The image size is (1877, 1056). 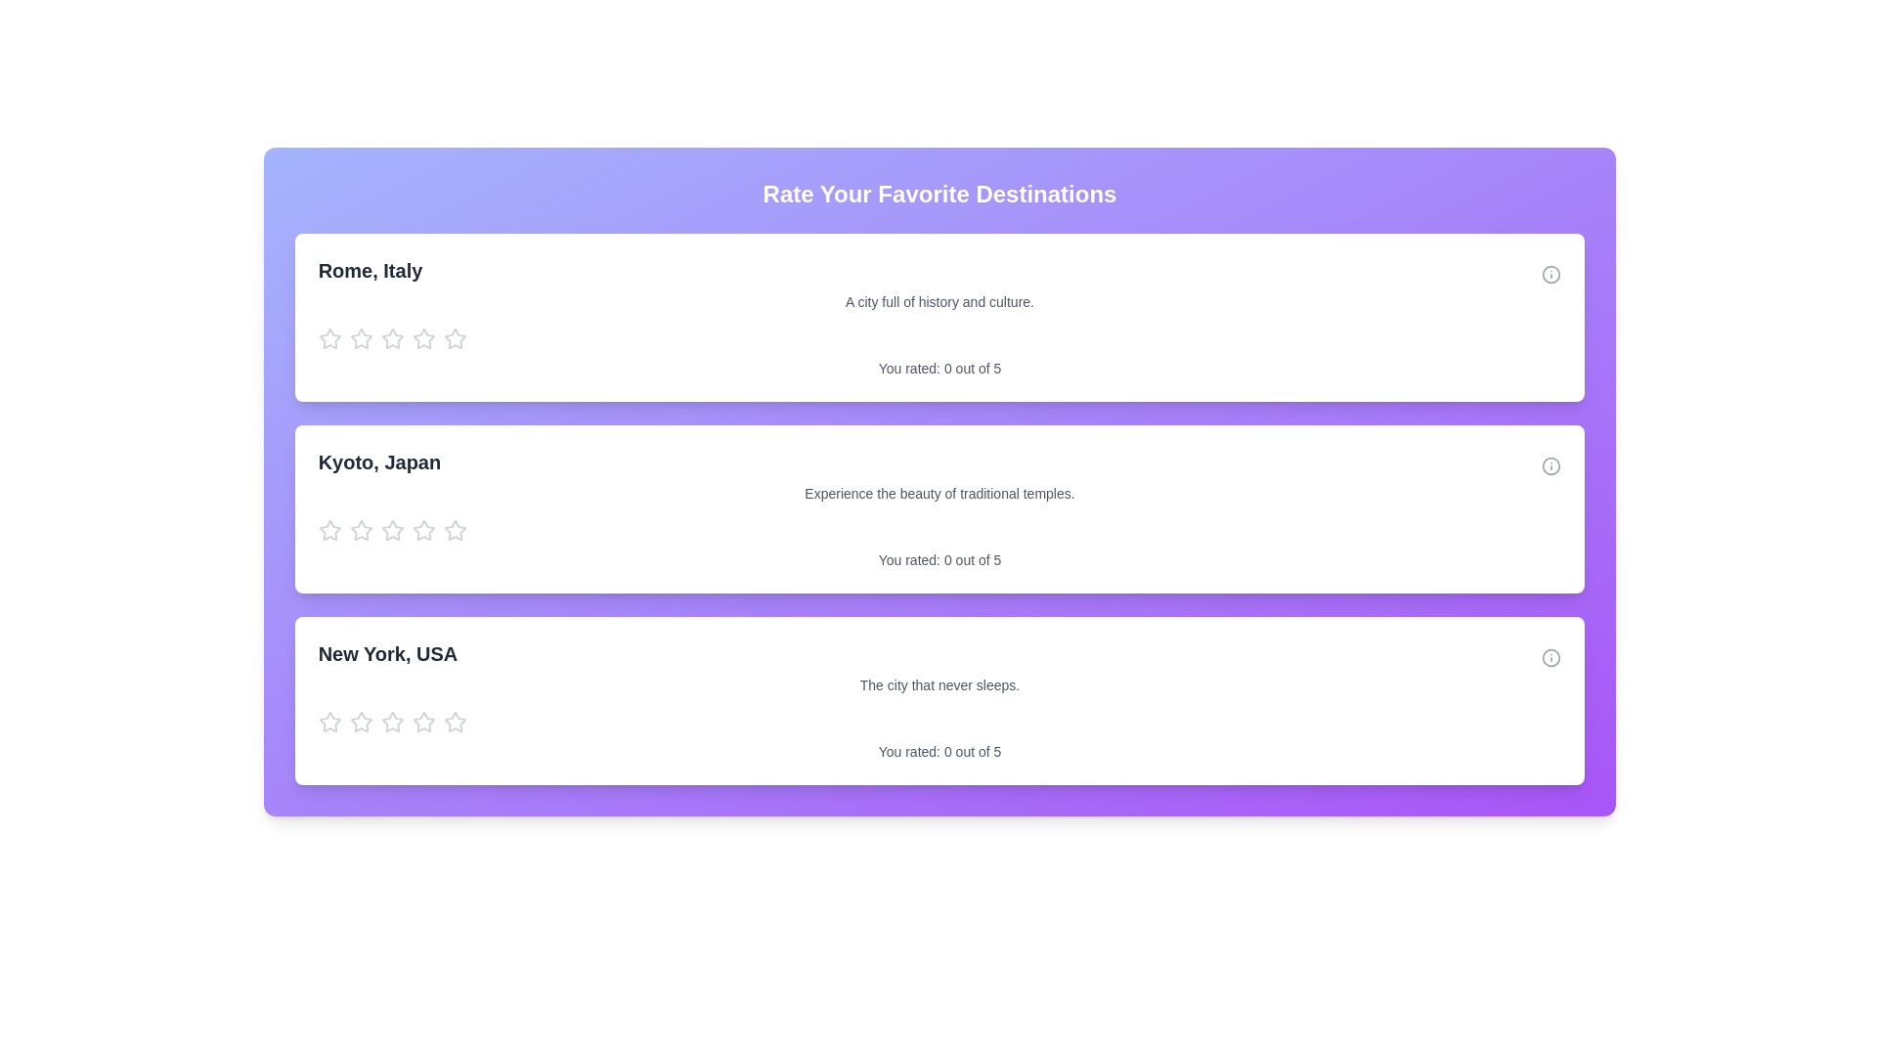 What do you see at coordinates (422, 530) in the screenshot?
I see `the second star-shaped icon in the rating section under 'Kyoto, Japan'` at bounding box center [422, 530].